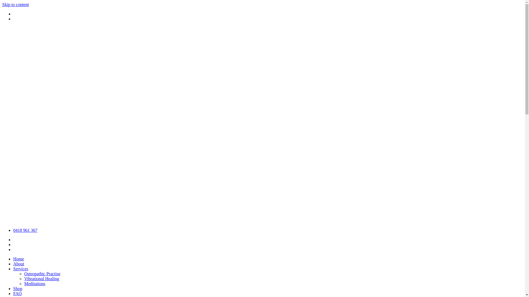  Describe the element at coordinates (25, 230) in the screenshot. I see `'0418 961 367'` at that location.